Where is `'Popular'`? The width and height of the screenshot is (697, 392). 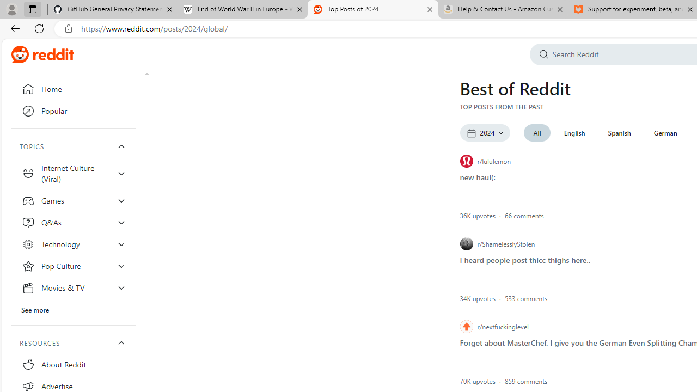 'Popular' is located at coordinates (73, 111).